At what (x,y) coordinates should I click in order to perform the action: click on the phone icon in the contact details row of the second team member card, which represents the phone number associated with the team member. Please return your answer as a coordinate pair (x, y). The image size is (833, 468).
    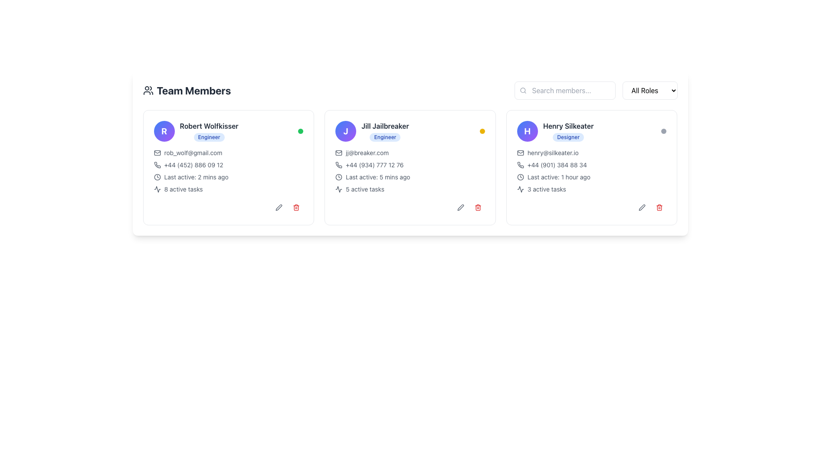
    Looking at the image, I should click on (338, 165).